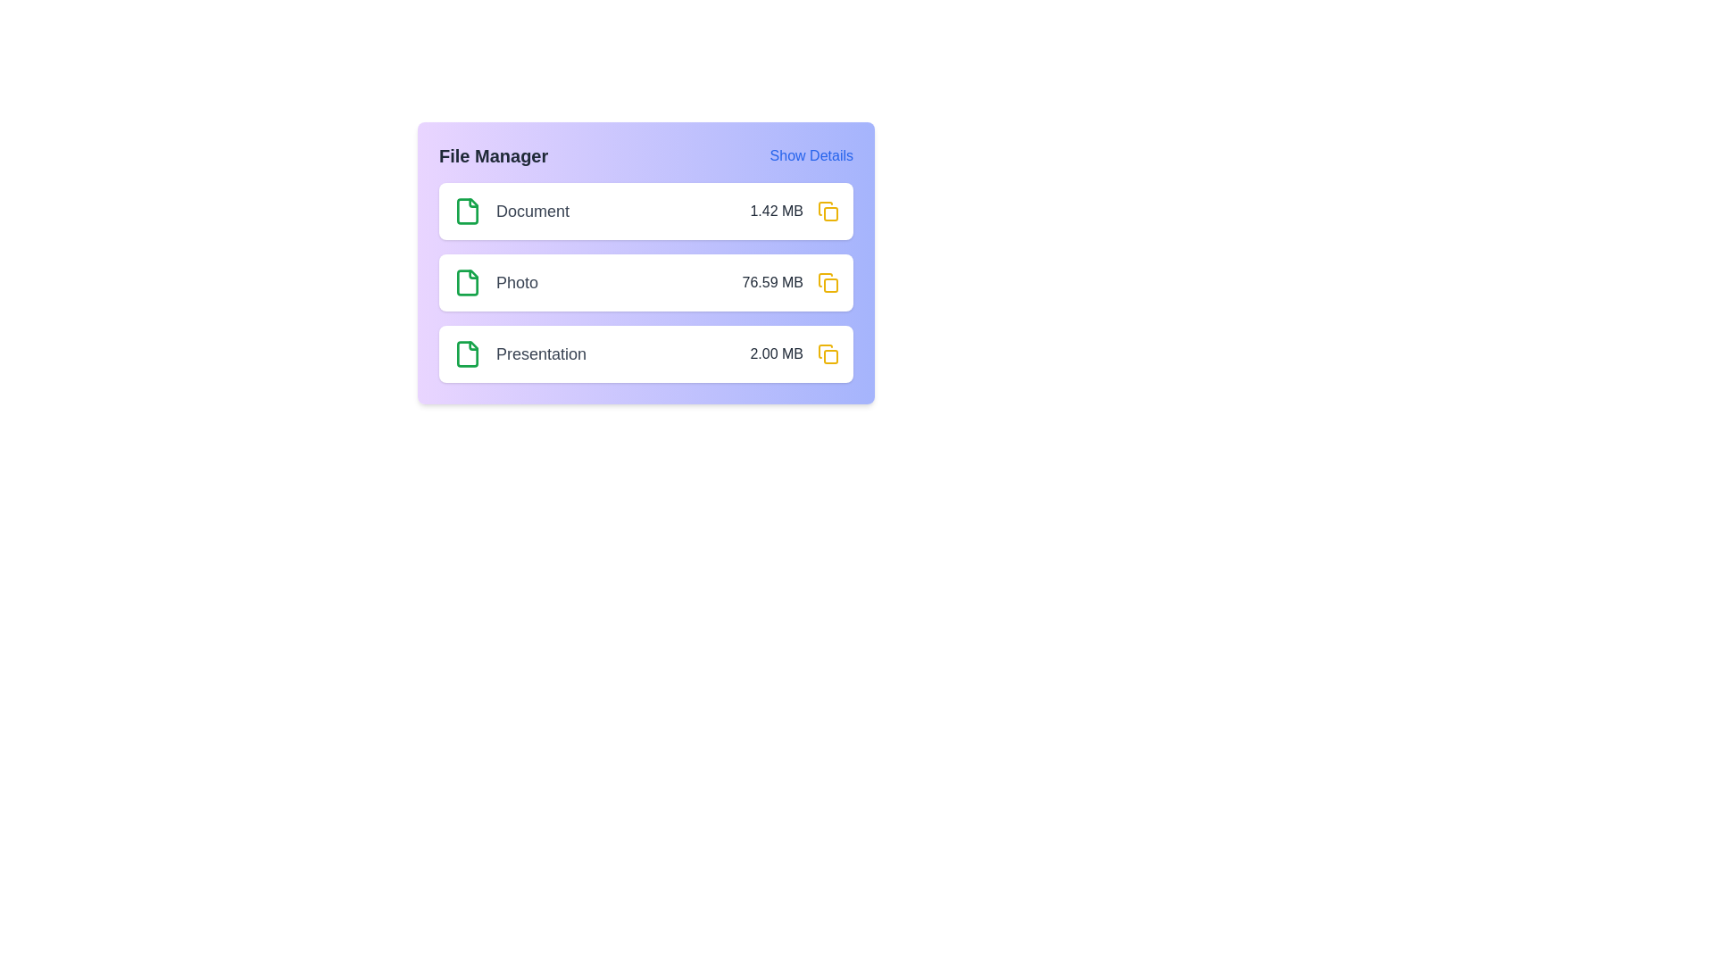 This screenshot has height=964, width=1714. Describe the element at coordinates (645, 354) in the screenshot. I see `the third file entry labeled 'Presentation' with a file size of '2.00 MB' in the file manager interface` at that location.